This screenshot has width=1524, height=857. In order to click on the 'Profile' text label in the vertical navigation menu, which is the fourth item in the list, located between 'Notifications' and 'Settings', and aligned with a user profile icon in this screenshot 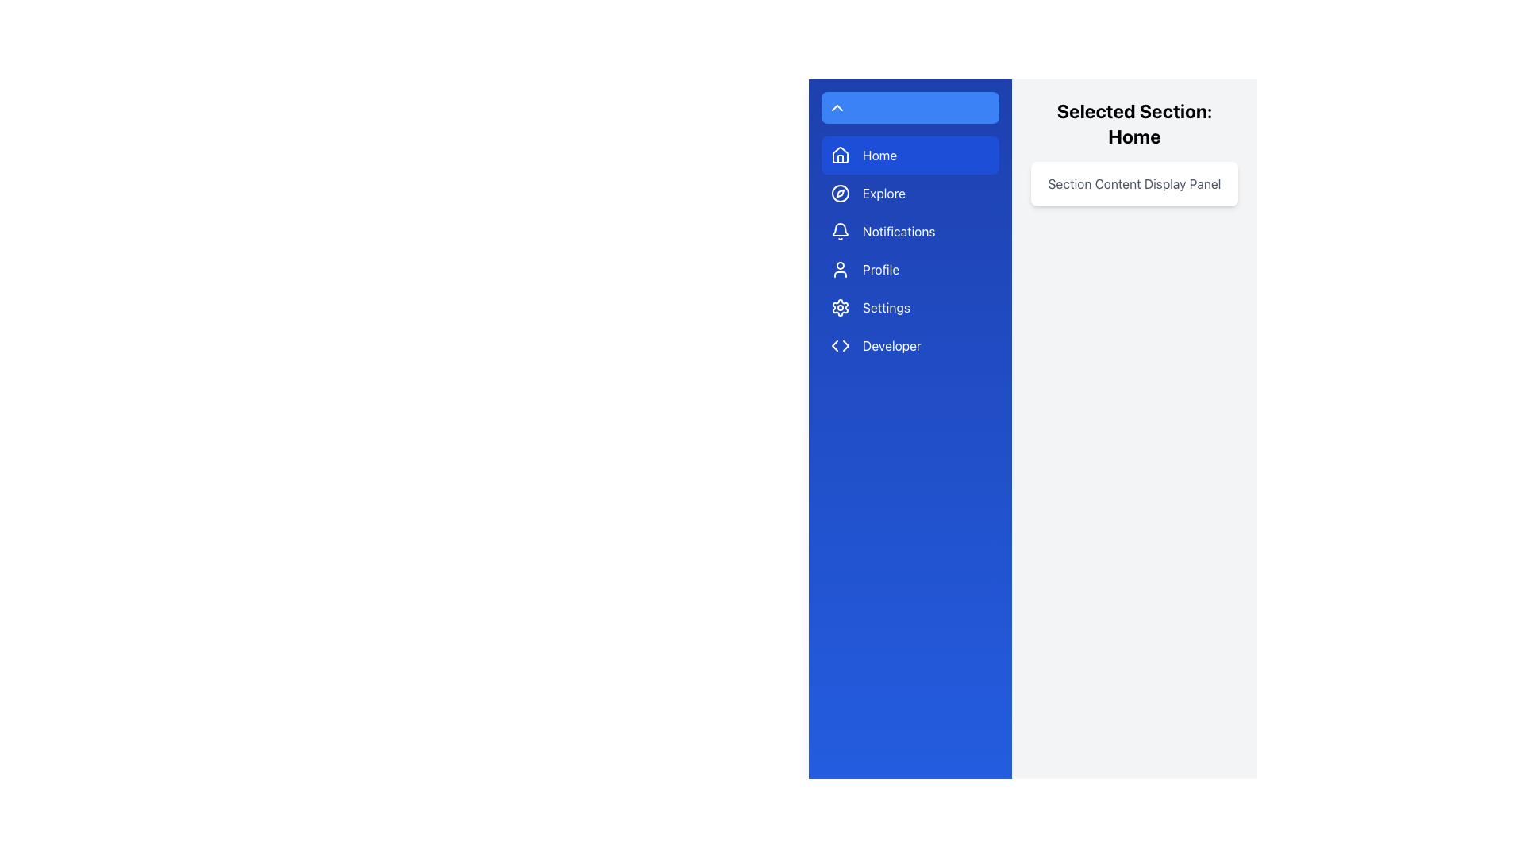, I will do `click(880, 268)`.